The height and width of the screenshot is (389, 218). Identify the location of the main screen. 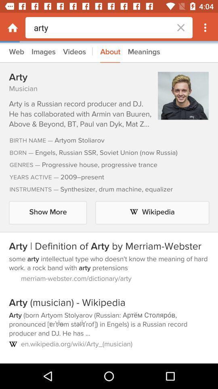
(12, 28).